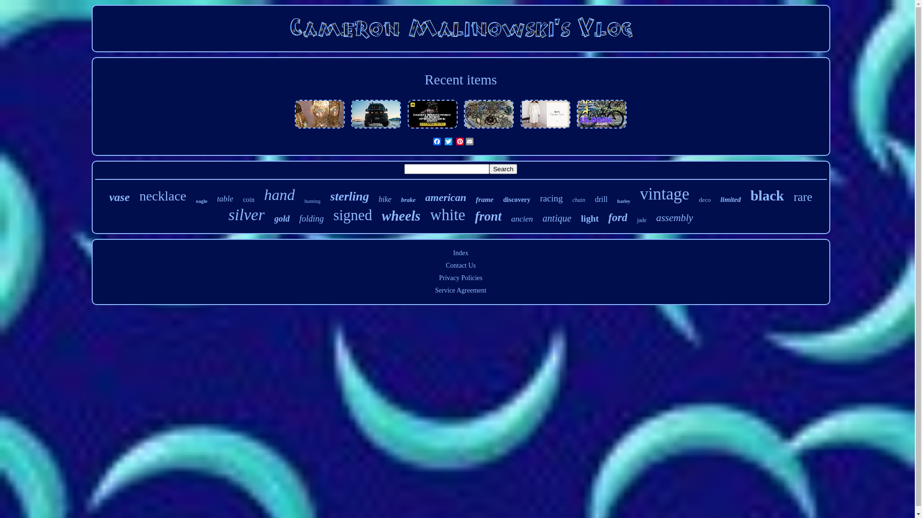 This screenshot has height=518, width=922. Describe the element at coordinates (460, 79) in the screenshot. I see `'Recent items'` at that location.